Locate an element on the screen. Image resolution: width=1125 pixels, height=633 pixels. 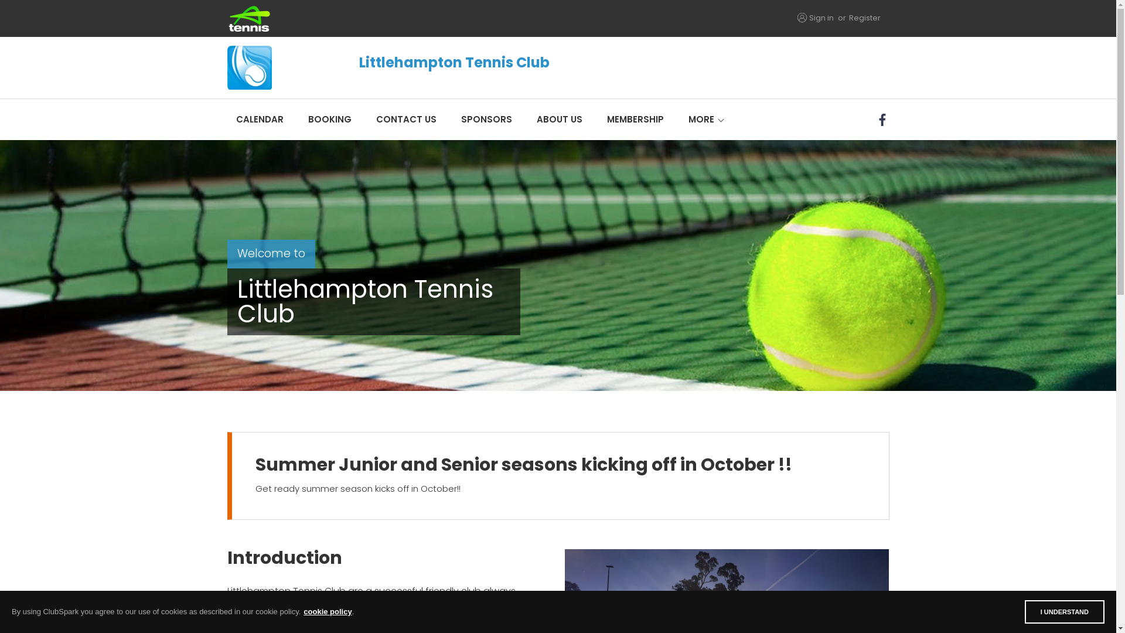
'CONTACT US' is located at coordinates (405, 120).